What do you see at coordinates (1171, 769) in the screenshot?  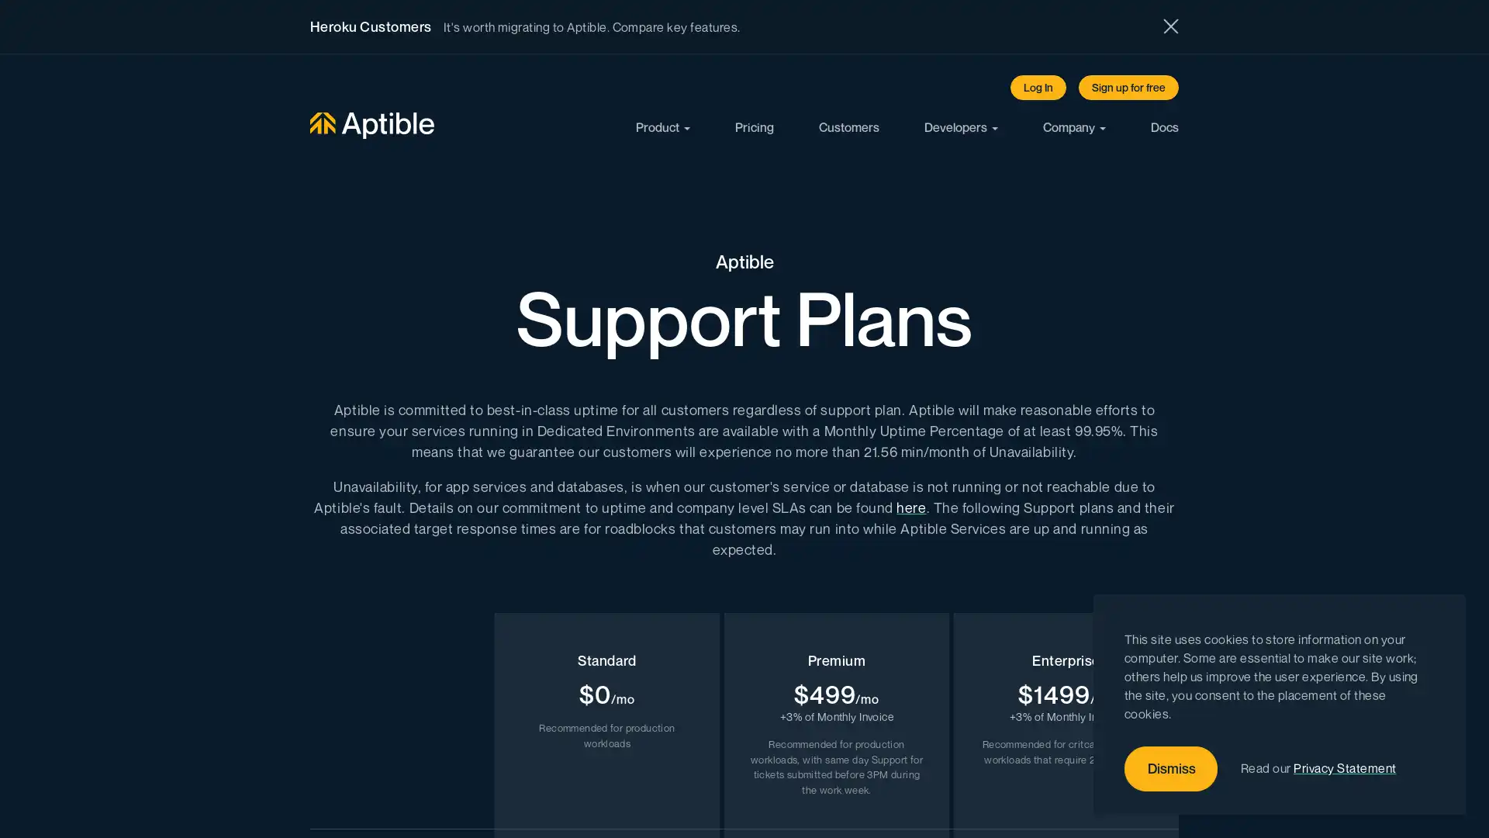 I see `Dismiss` at bounding box center [1171, 769].